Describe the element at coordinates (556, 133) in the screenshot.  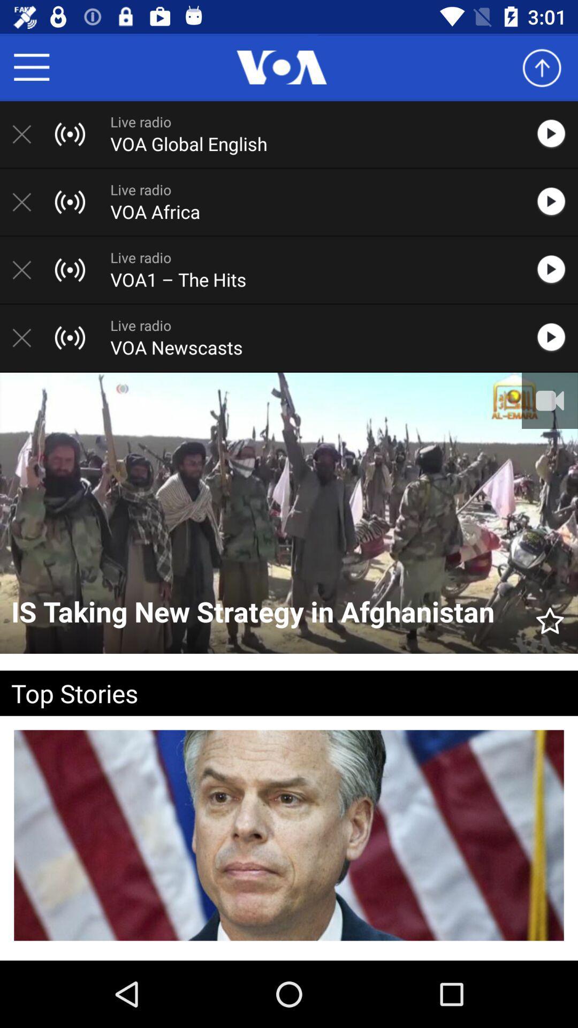
I see `live radio` at that location.